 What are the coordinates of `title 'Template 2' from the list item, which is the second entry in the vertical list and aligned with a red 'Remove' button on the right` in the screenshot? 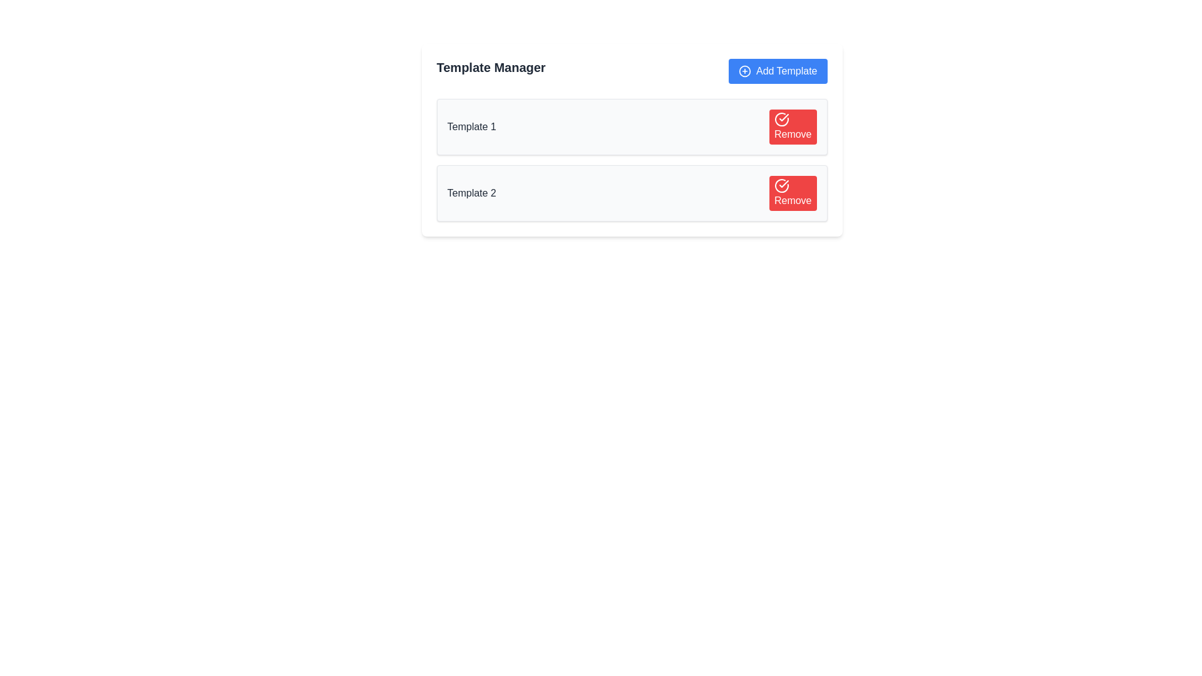 It's located at (632, 193).